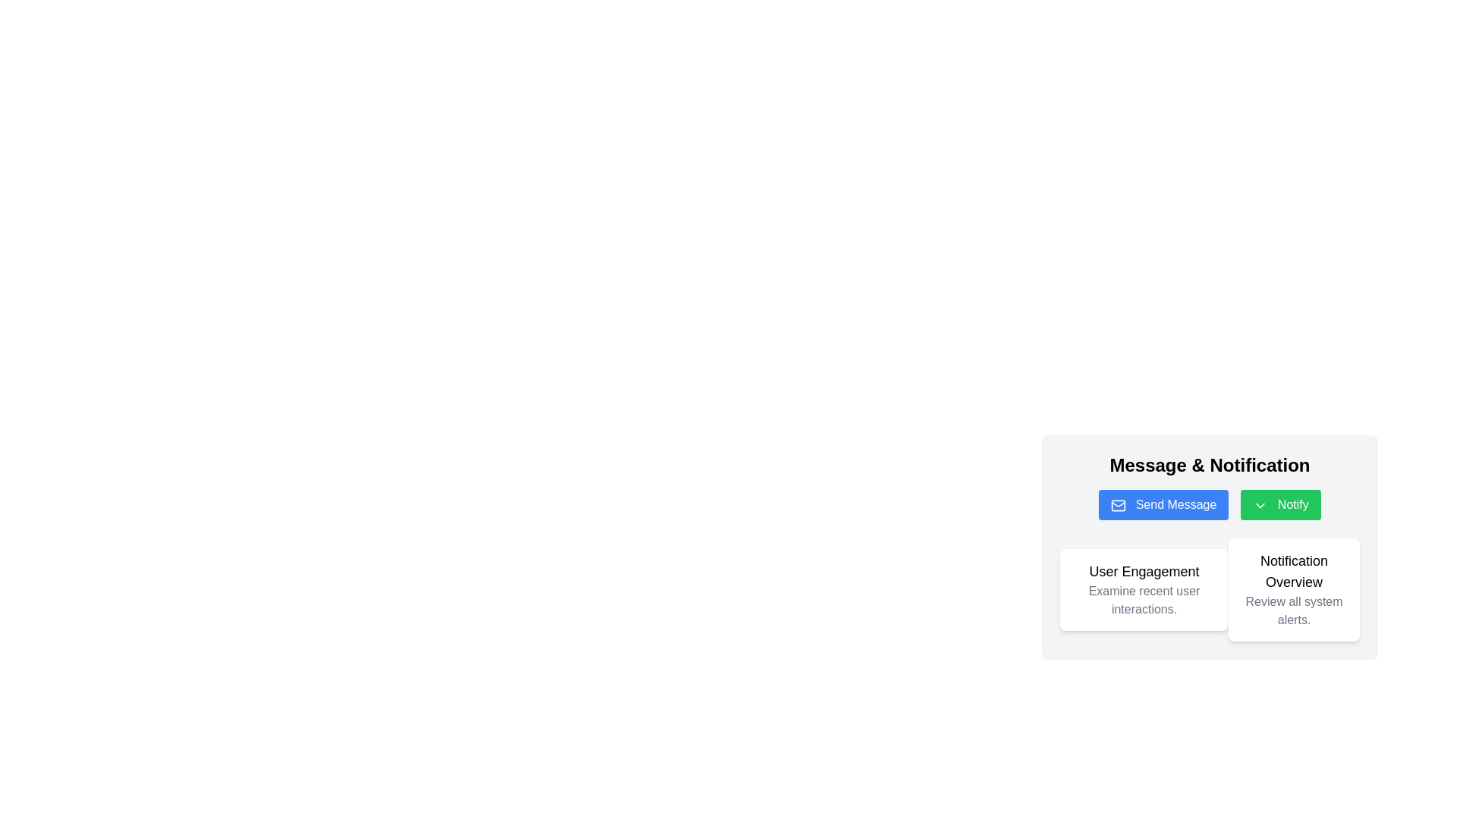 Image resolution: width=1457 pixels, height=819 pixels. Describe the element at coordinates (1293, 571) in the screenshot. I see `the heading text element that introduces and summarizes the system notifications, which is located above the text 'Review all system alerts.' in the 'Message & Notification' interface` at that location.